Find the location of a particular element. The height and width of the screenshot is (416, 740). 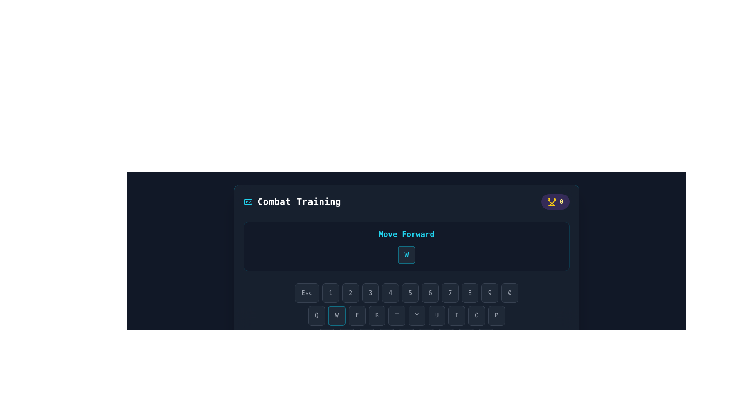

the virtual keyboard key displaying the letter 'P', which is the rightmost key in the second row of the keyboard layout is located at coordinates (496, 316).